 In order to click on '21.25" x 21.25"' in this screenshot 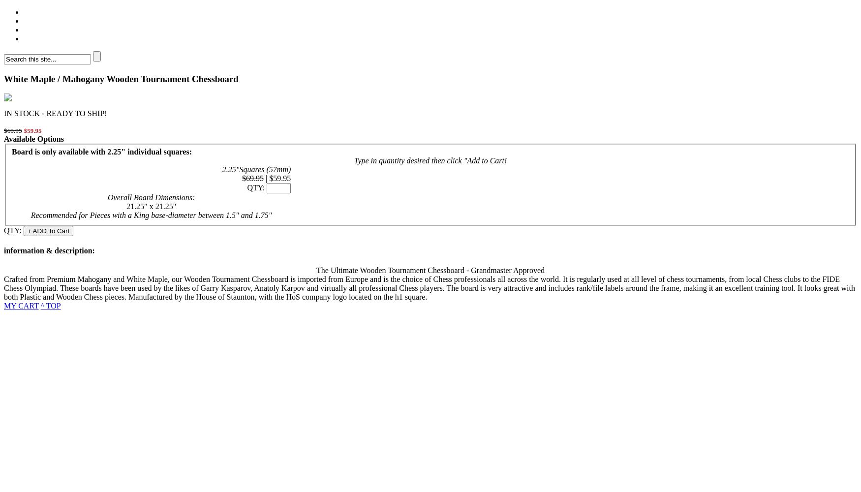, I will do `click(151, 206)`.